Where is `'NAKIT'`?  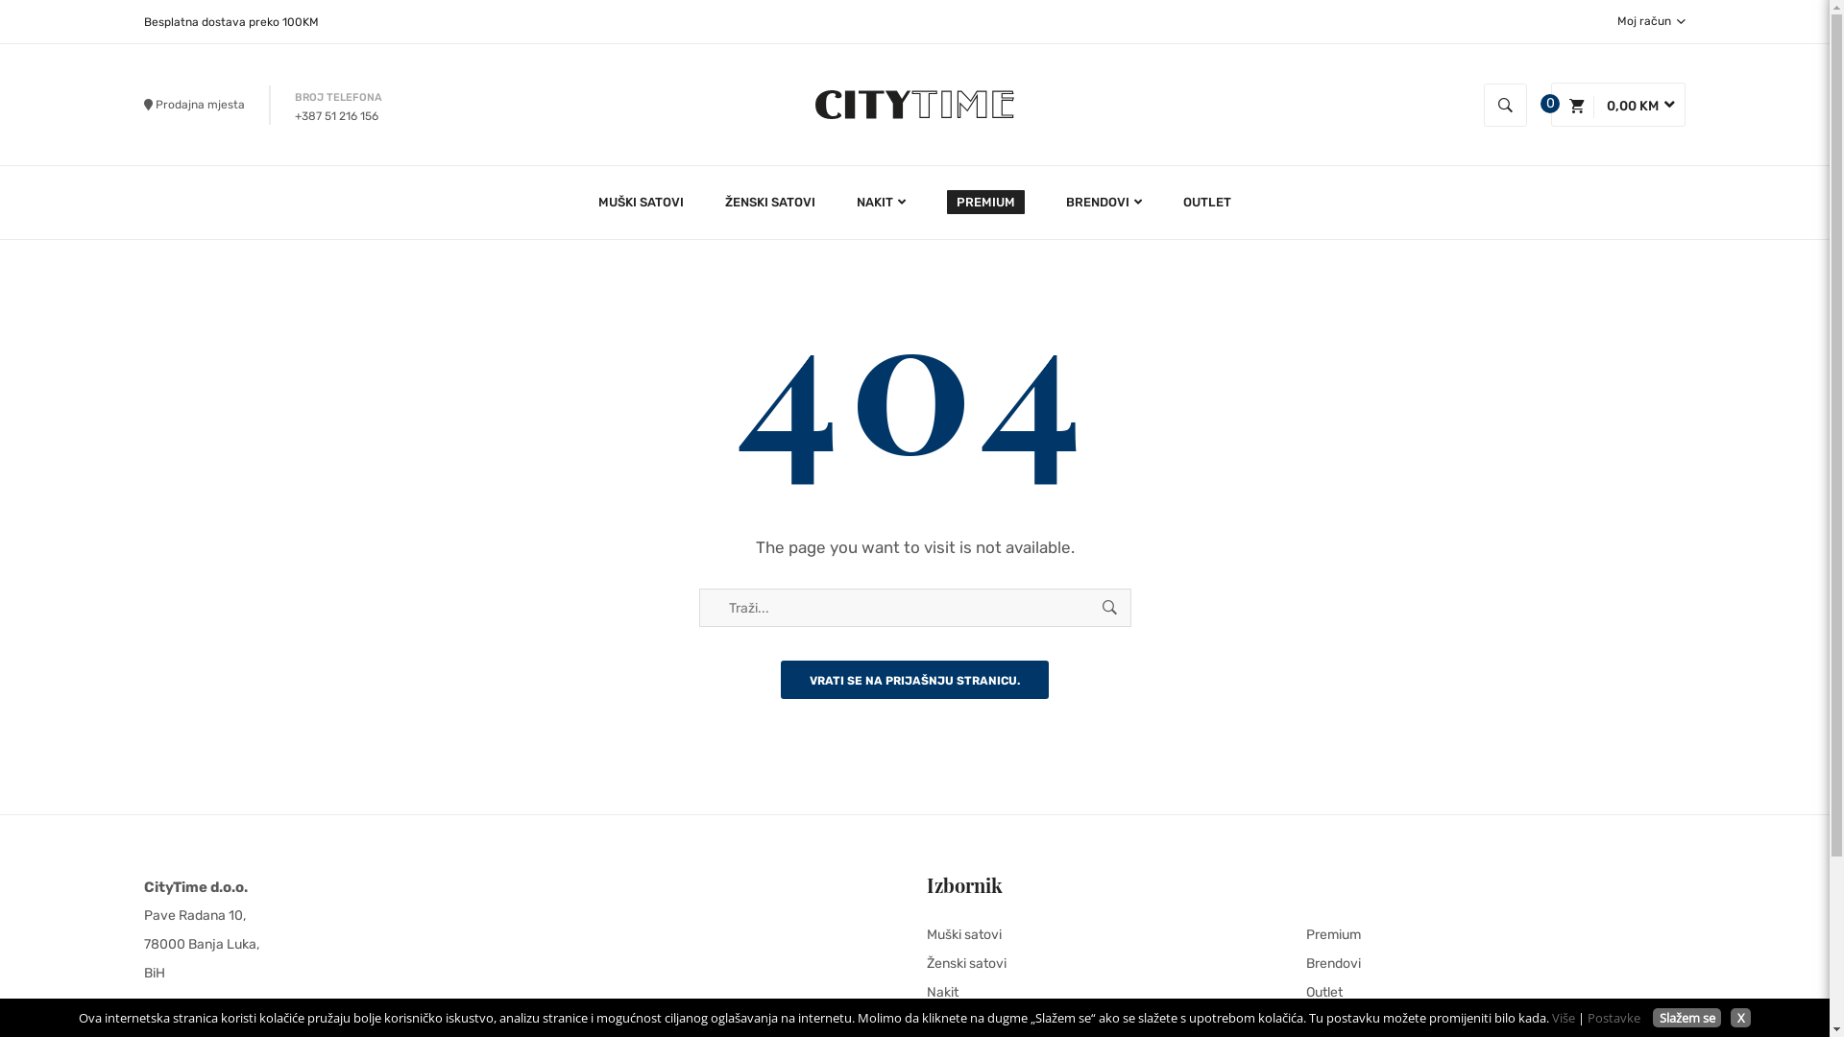
'NAKIT' is located at coordinates (880, 203).